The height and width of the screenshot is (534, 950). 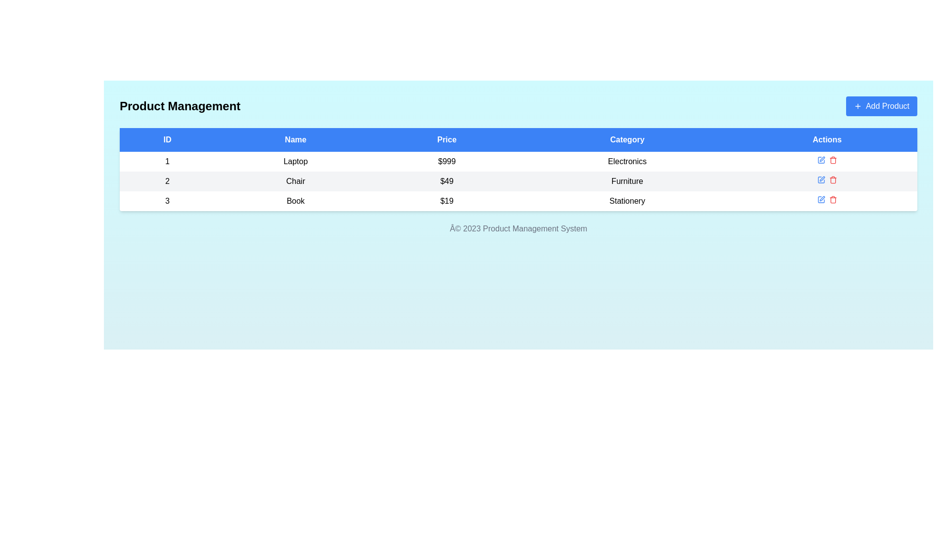 I want to click on the Text label displaying category information for the product in the fourth column of the third row of the table, which corresponds to item '3', so click(x=626, y=201).